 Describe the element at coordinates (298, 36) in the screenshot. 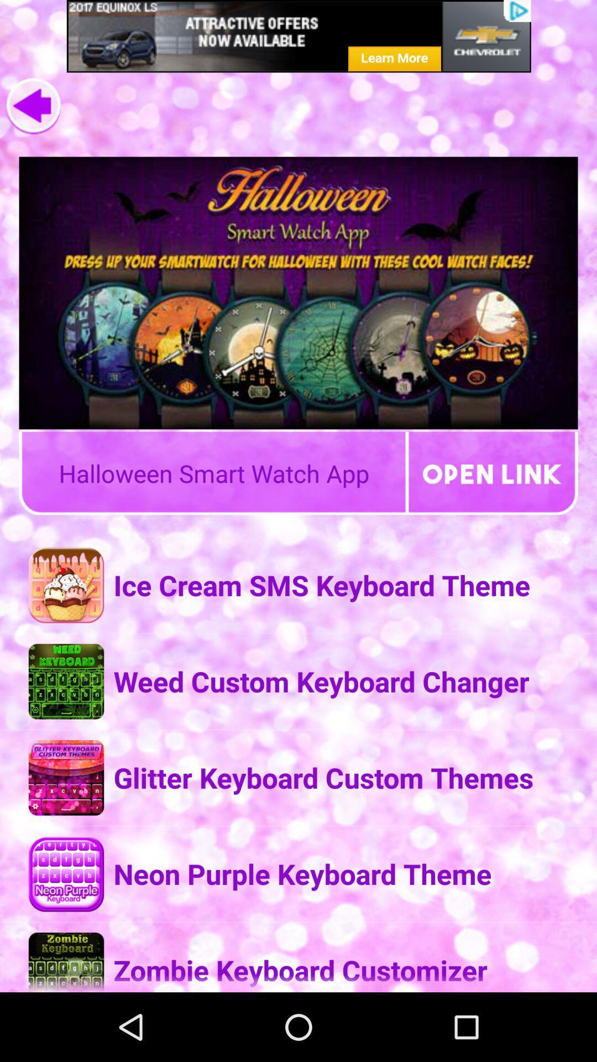

I see `the advertisement` at that location.